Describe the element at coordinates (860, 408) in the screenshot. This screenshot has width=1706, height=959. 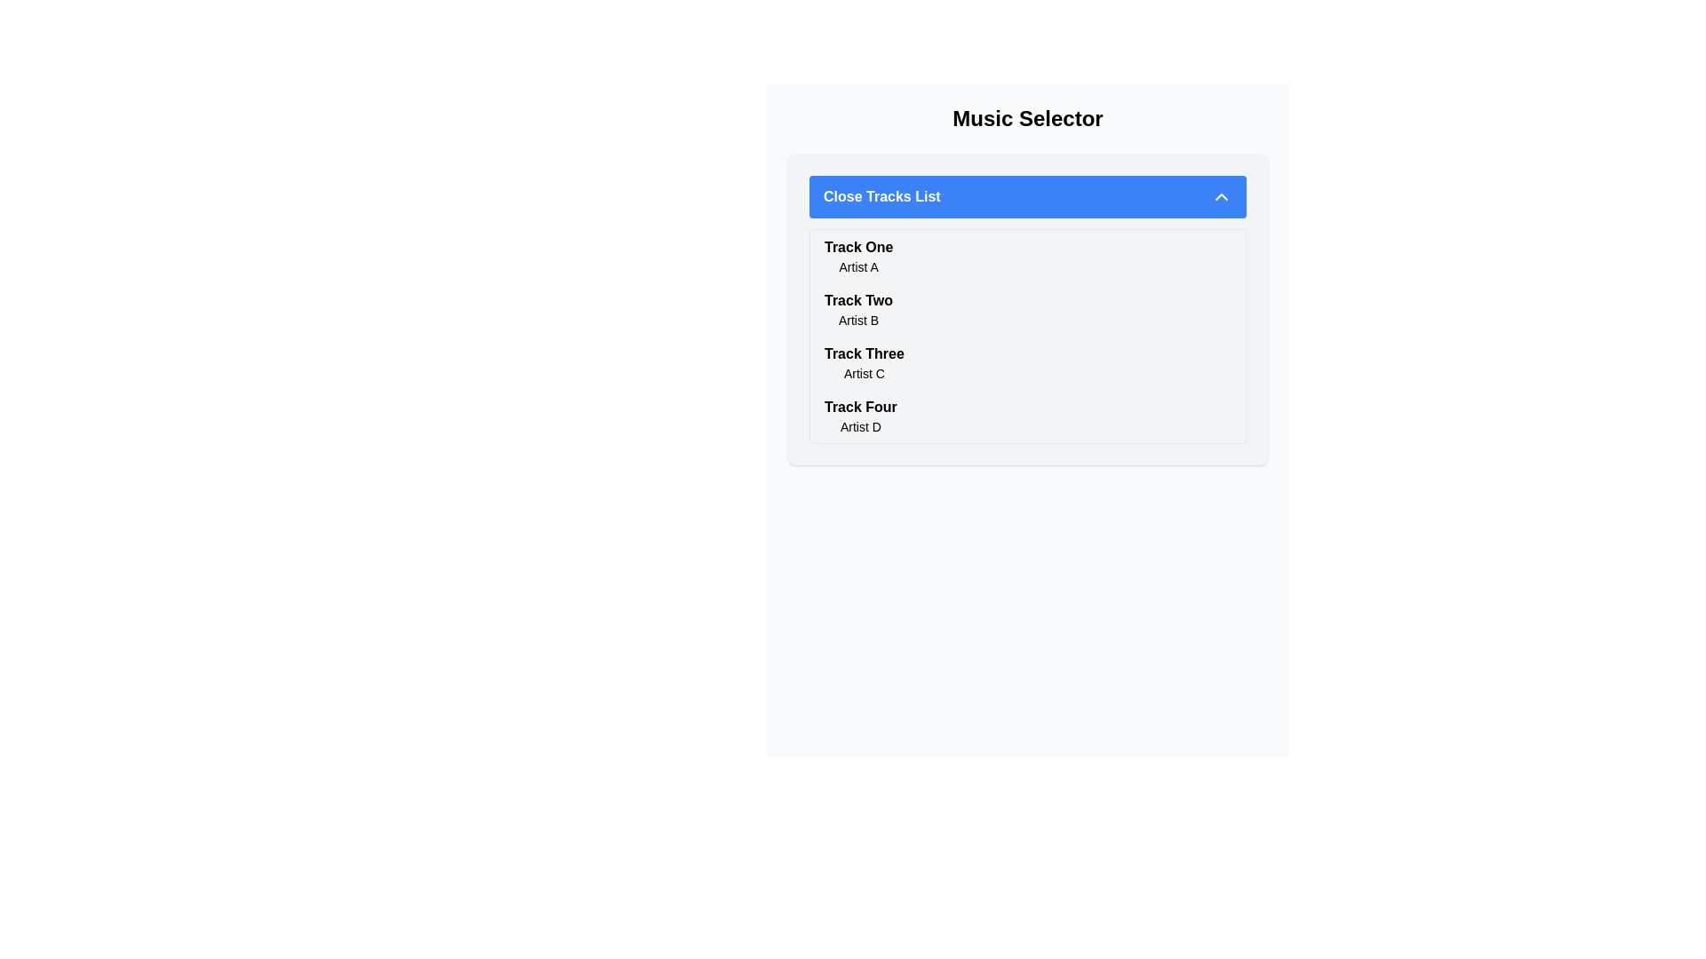
I see `the bold text label displaying 'Track Four', which is the primary text in a list of track titles within a music selector dropdown` at that location.